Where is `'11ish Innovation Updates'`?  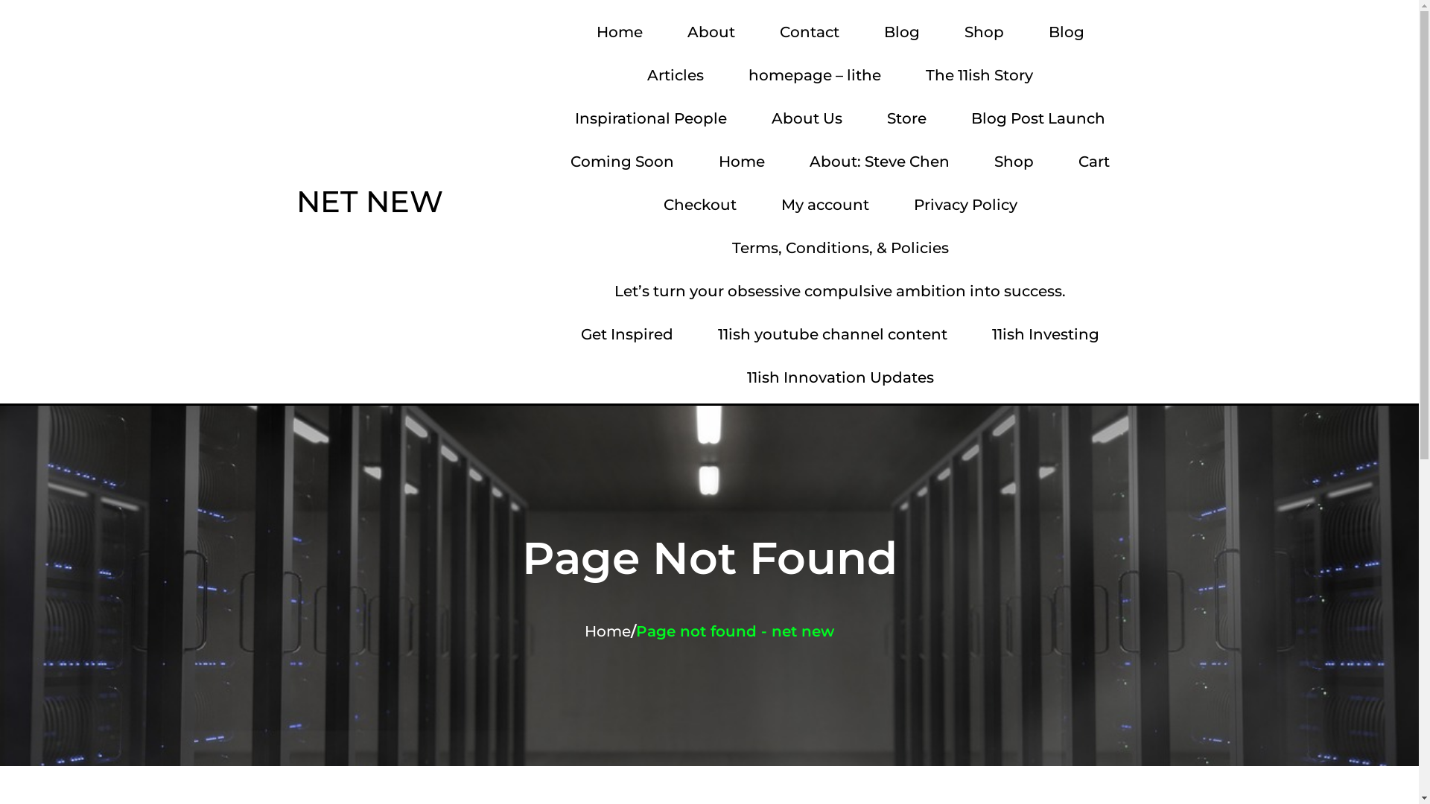
'11ish Innovation Updates' is located at coordinates (840, 376).